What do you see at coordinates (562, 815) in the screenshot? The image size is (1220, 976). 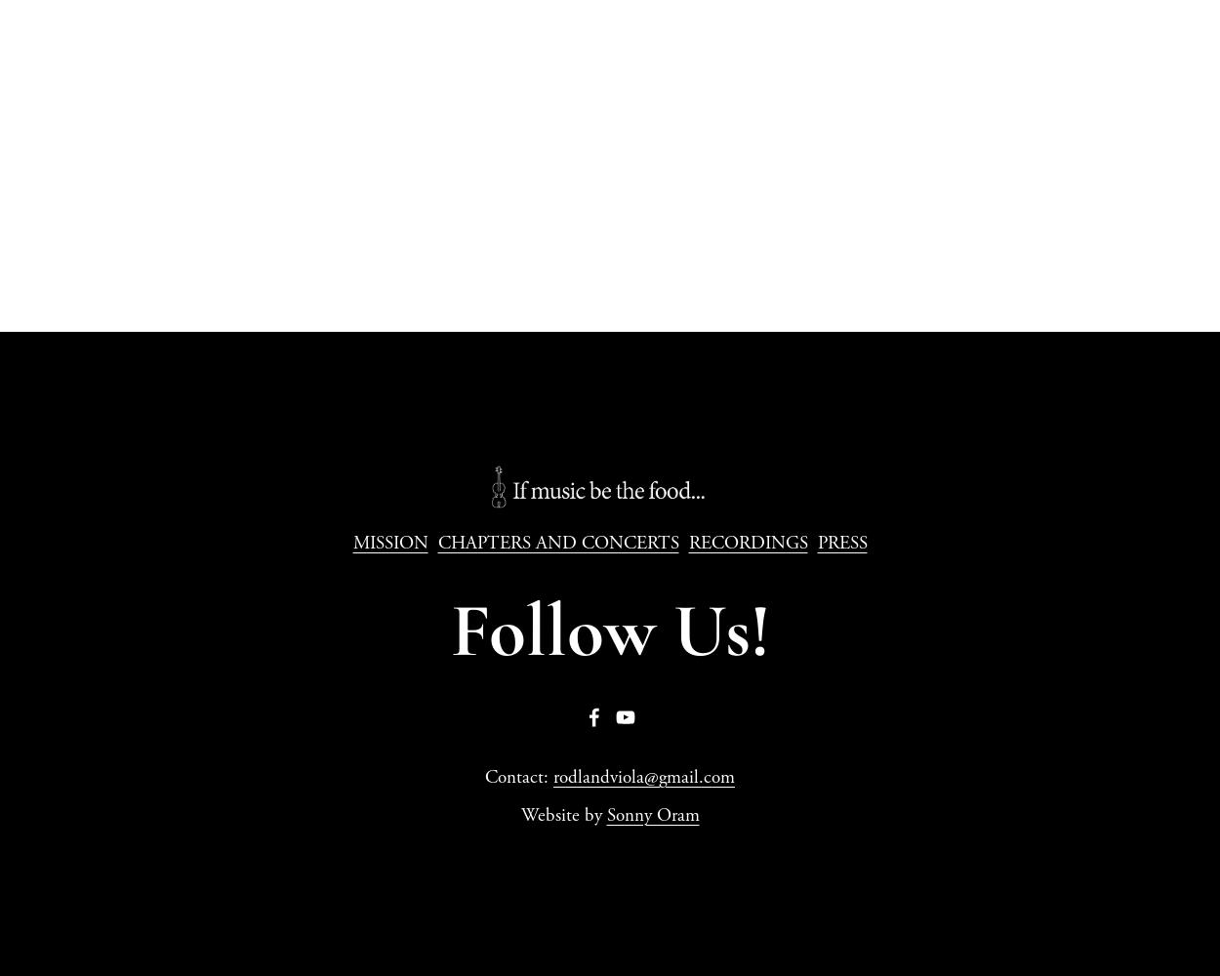 I see `'Website by'` at bounding box center [562, 815].